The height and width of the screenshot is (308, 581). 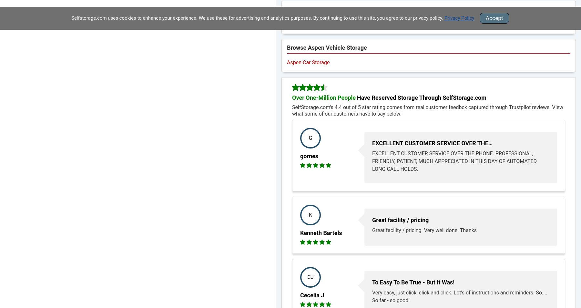 What do you see at coordinates (494, 17) in the screenshot?
I see `'Accept'` at bounding box center [494, 17].